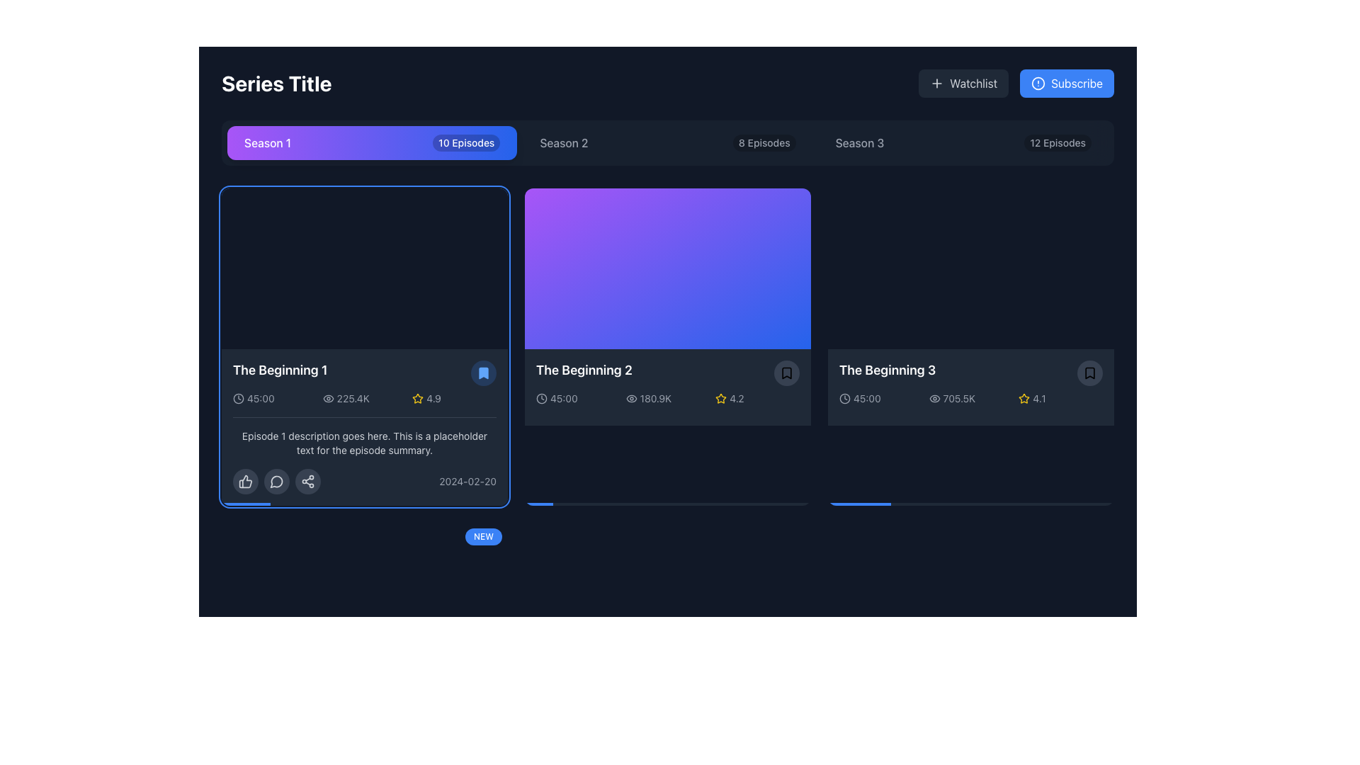 The width and height of the screenshot is (1360, 765). Describe the element at coordinates (1062, 504) in the screenshot. I see `progress level` at that location.